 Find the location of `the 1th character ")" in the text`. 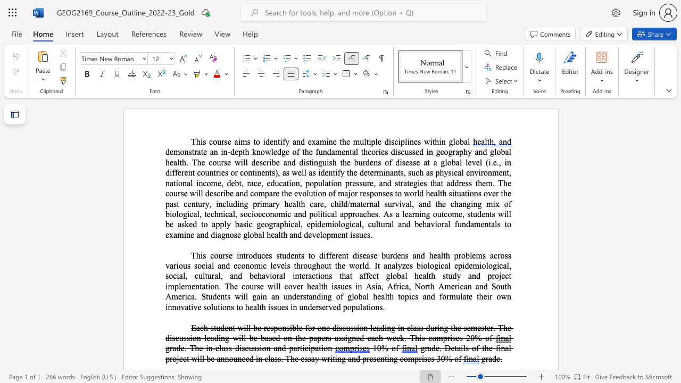

the 1th character ")" in the text is located at coordinates (276, 172).